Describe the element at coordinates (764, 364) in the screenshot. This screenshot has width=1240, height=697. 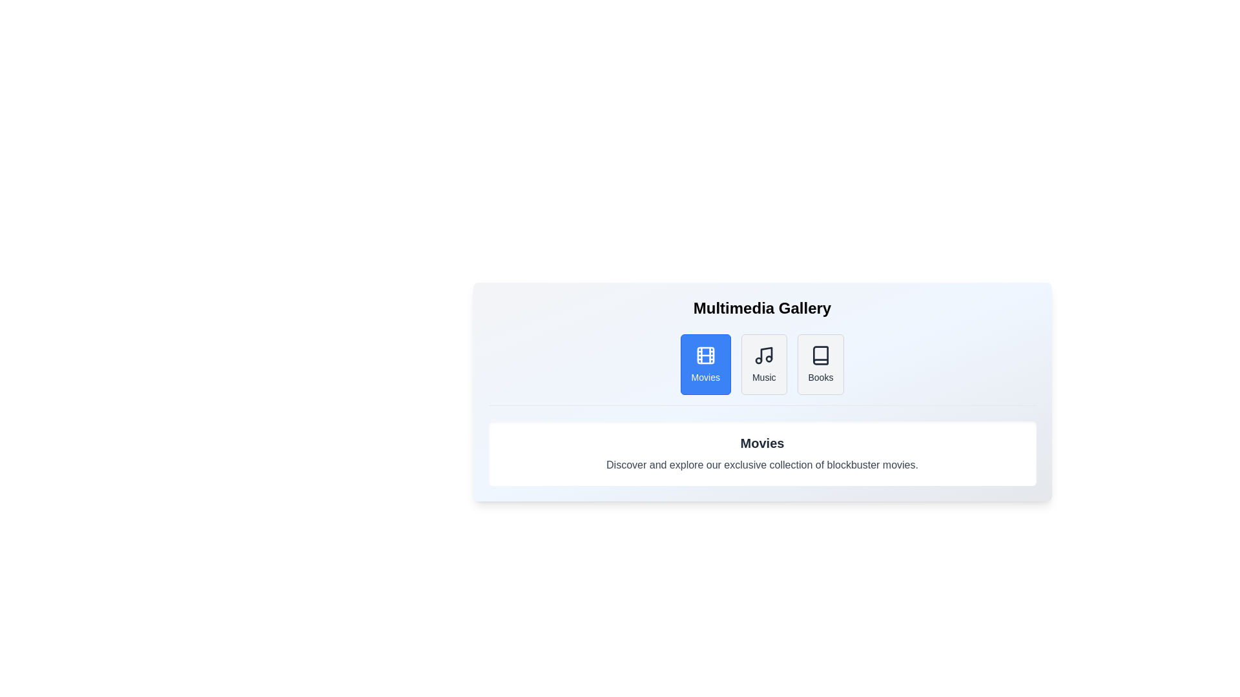
I see `the Music tab to view its contents` at that location.